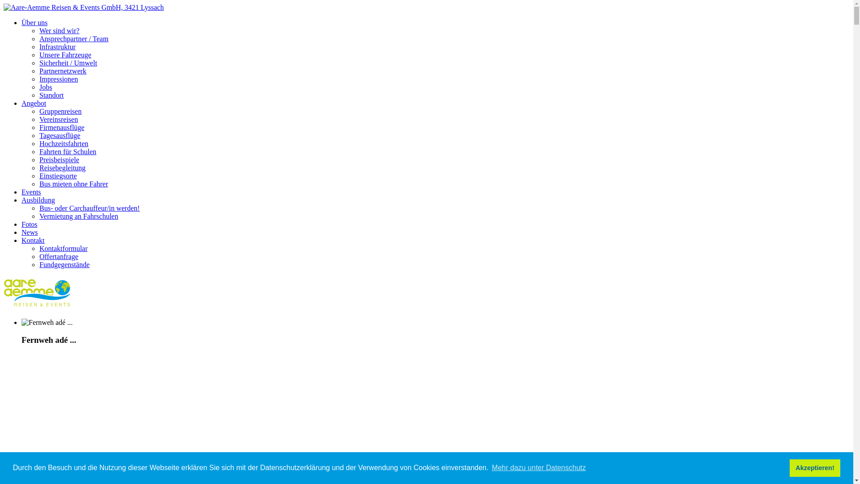  What do you see at coordinates (39, 78) in the screenshot?
I see `'Impressionen'` at bounding box center [39, 78].